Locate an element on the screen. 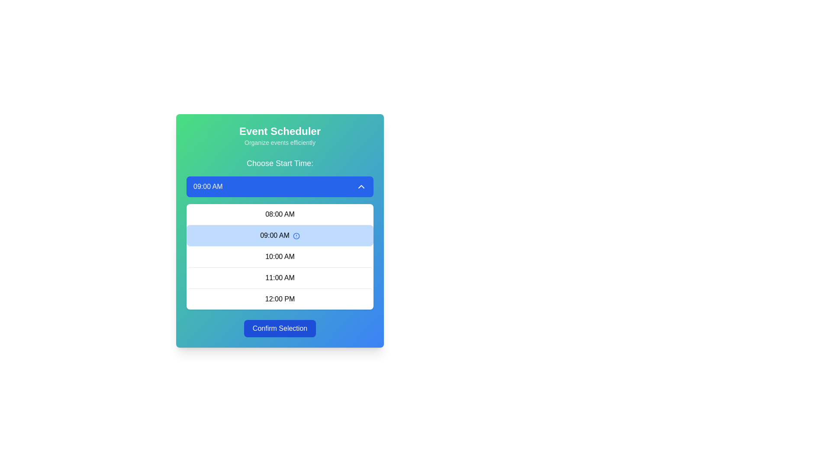 Image resolution: width=831 pixels, height=467 pixels. the static text element that reads 'Organize events efficiently.' which is styled with a smaller font size and is positioned below the heading 'Event Scheduler.' is located at coordinates (280, 142).